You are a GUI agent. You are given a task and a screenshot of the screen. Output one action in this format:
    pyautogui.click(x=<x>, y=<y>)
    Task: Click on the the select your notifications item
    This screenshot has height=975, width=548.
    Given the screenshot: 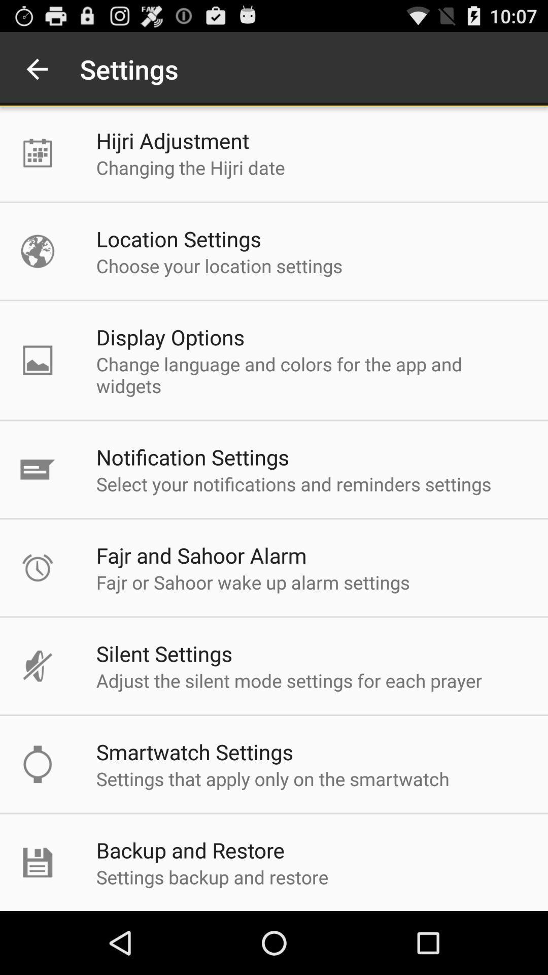 What is the action you would take?
    pyautogui.click(x=293, y=483)
    